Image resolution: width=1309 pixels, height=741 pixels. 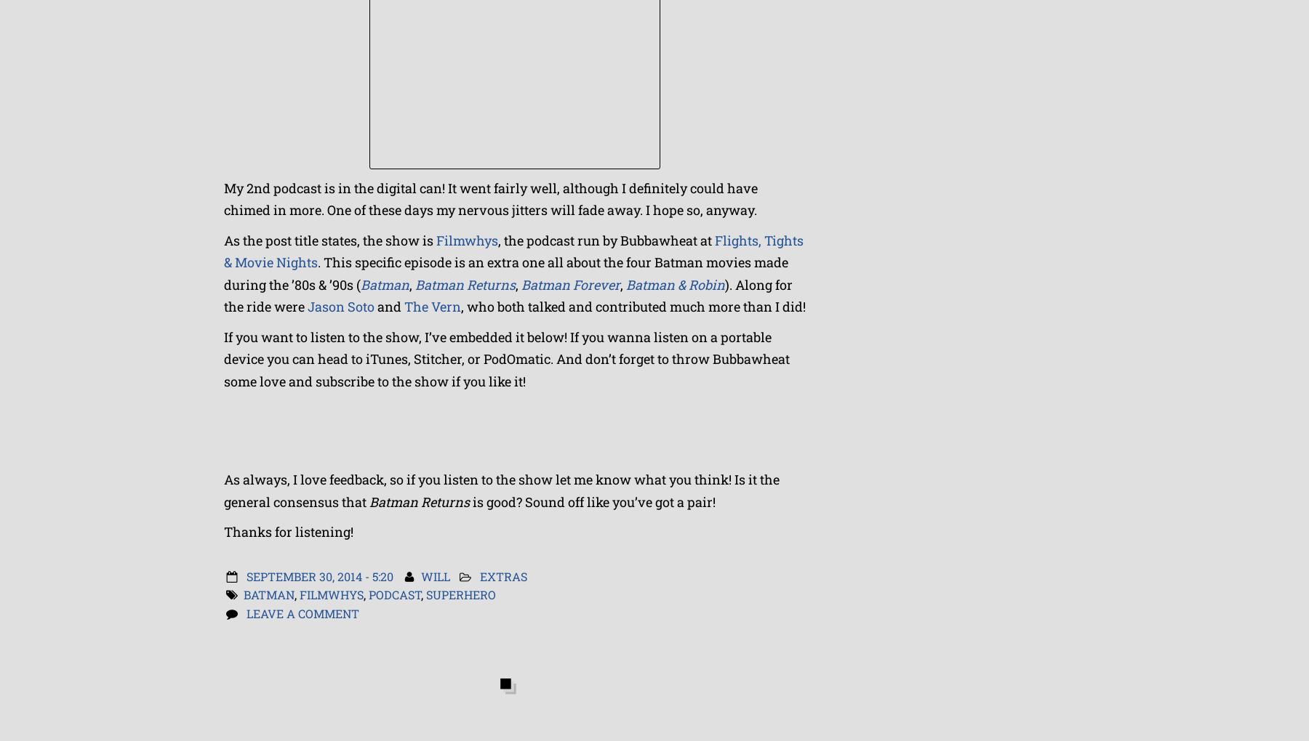 What do you see at coordinates (388, 306) in the screenshot?
I see `'and'` at bounding box center [388, 306].